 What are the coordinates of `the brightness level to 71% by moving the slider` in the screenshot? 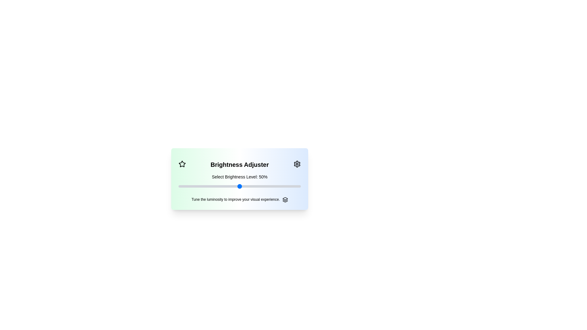 It's located at (265, 186).